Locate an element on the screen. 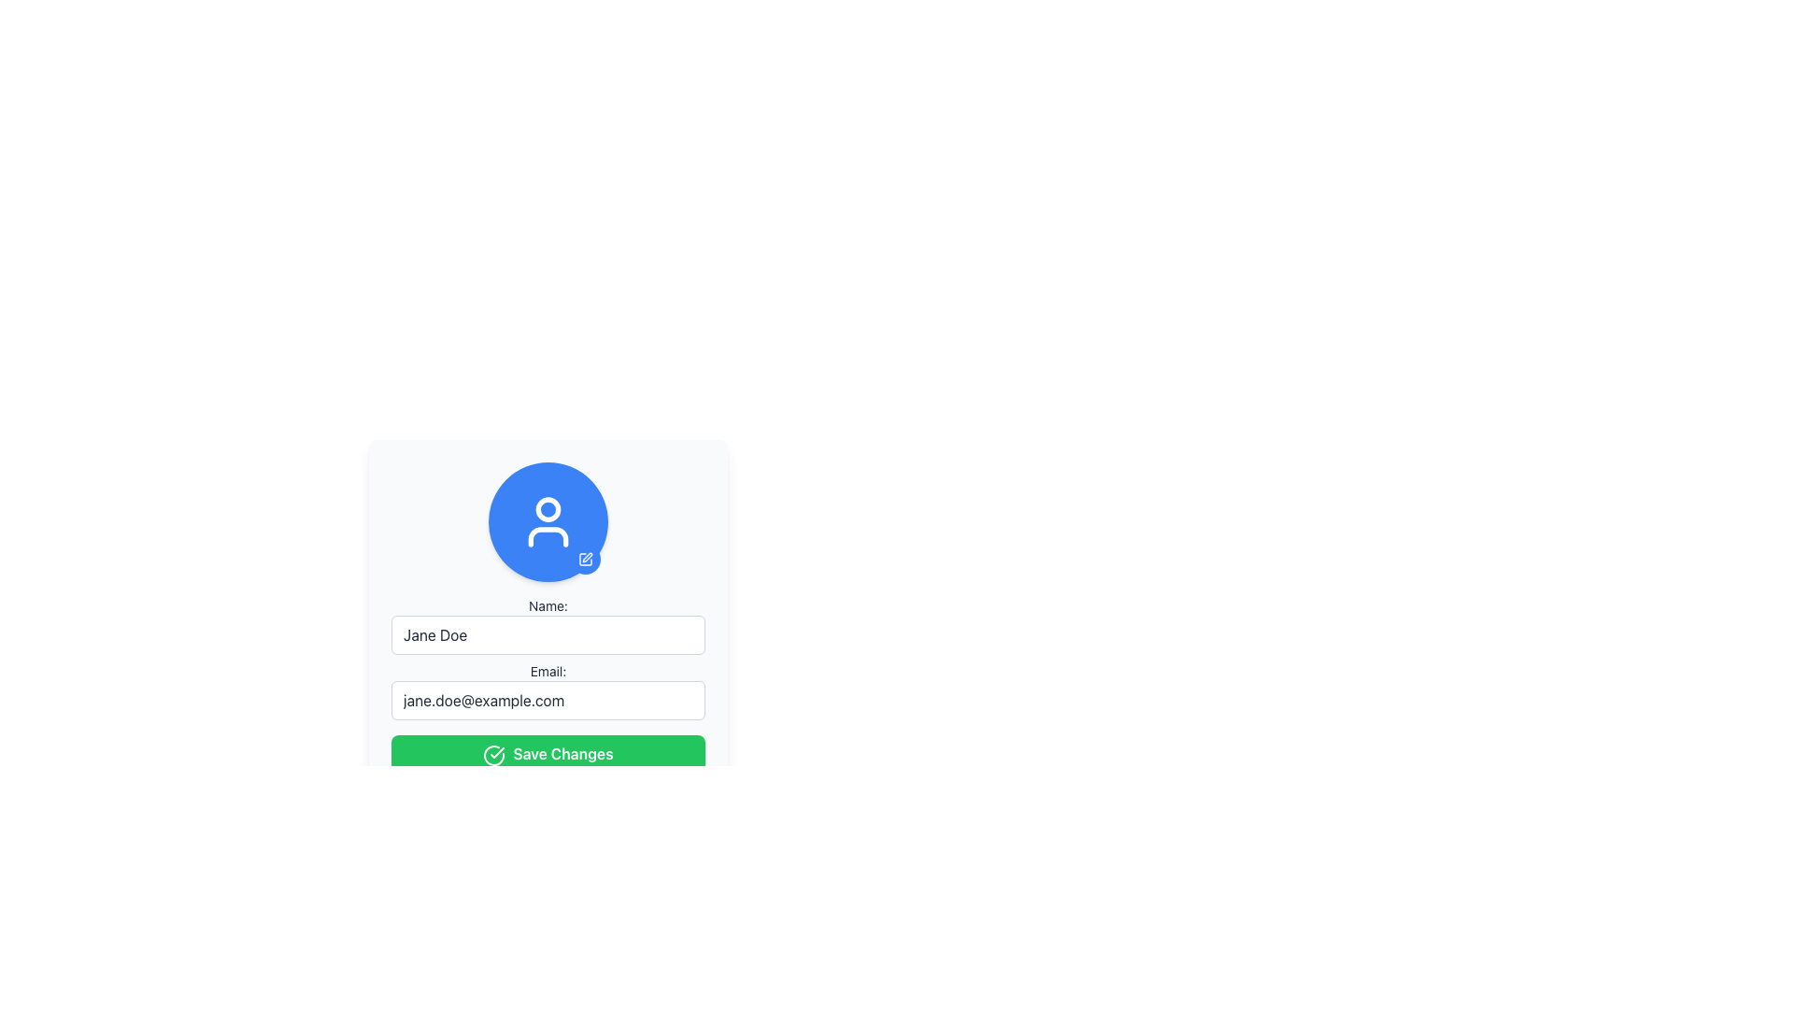 This screenshot has width=1794, height=1009. the text label displaying 'Name:' which is positioned above the input field in the top-left part of the form is located at coordinates (547, 605).